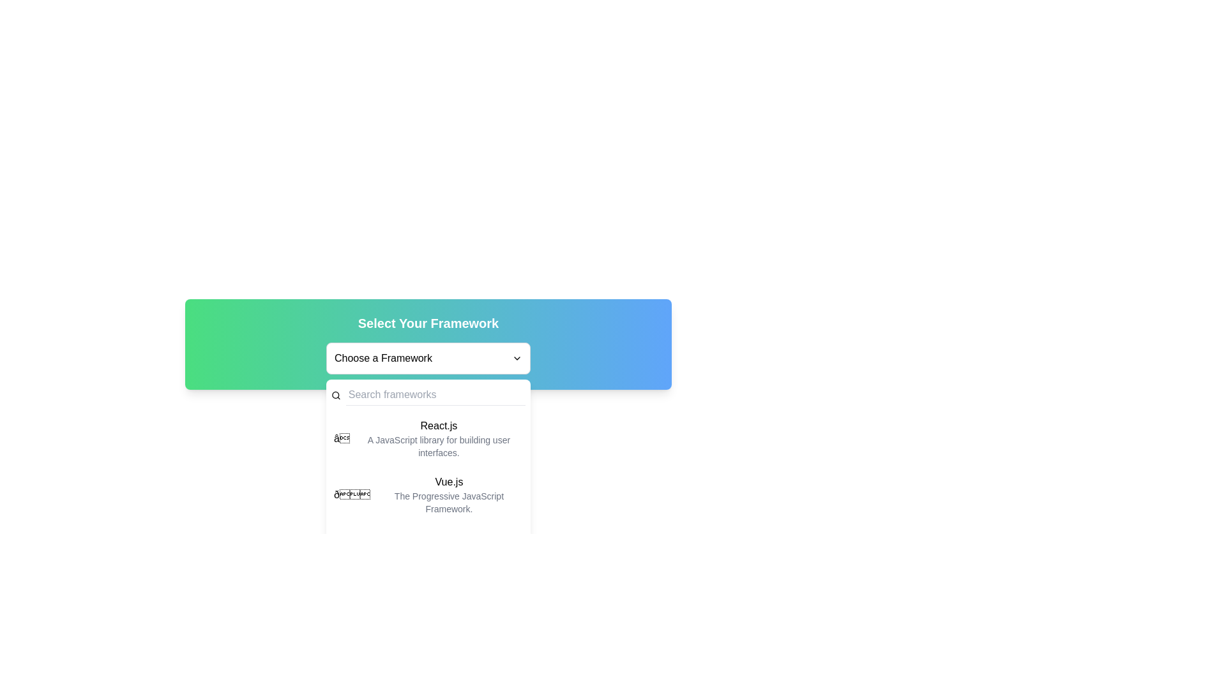 Image resolution: width=1226 pixels, height=689 pixels. I want to click on the dropdown menu located below the heading 'Select Your Framework', so click(428, 359).